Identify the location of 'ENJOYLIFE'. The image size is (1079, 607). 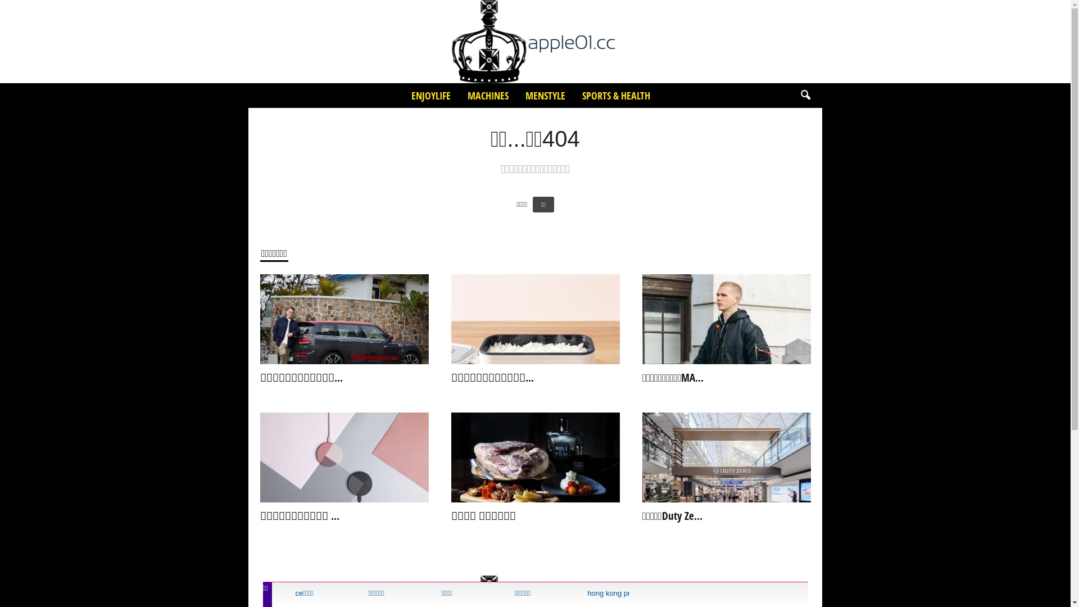
(402, 94).